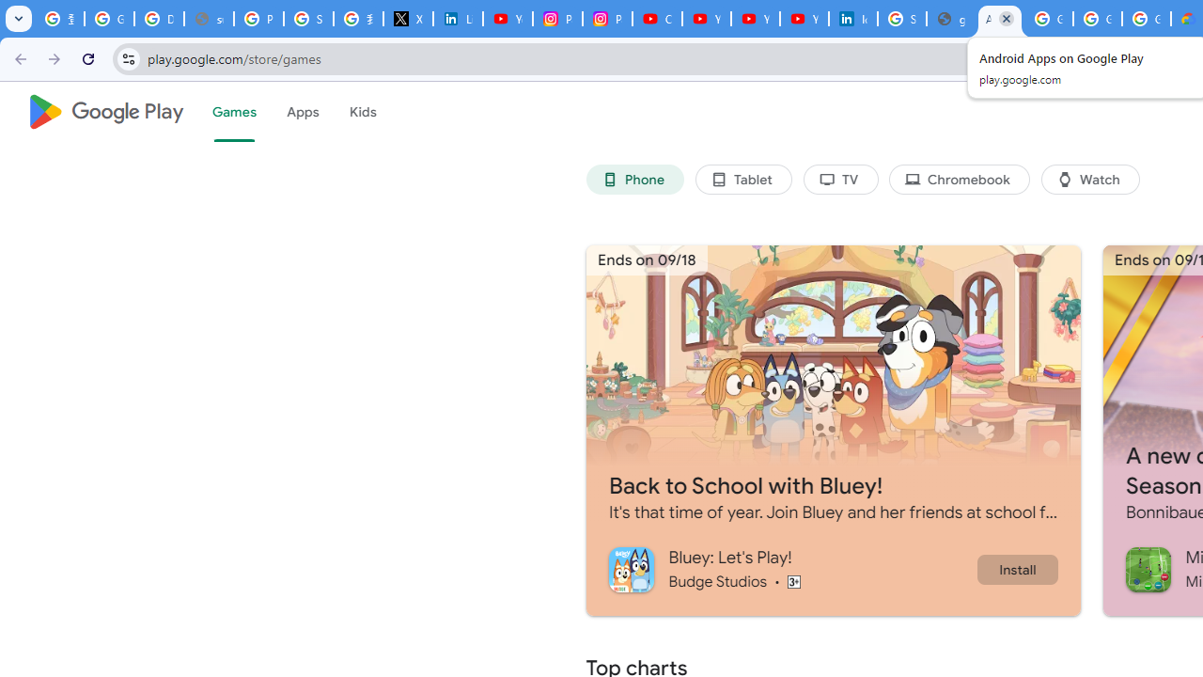 This screenshot has height=677, width=1203. Describe the element at coordinates (960, 180) in the screenshot. I see `'Chromebook'` at that location.